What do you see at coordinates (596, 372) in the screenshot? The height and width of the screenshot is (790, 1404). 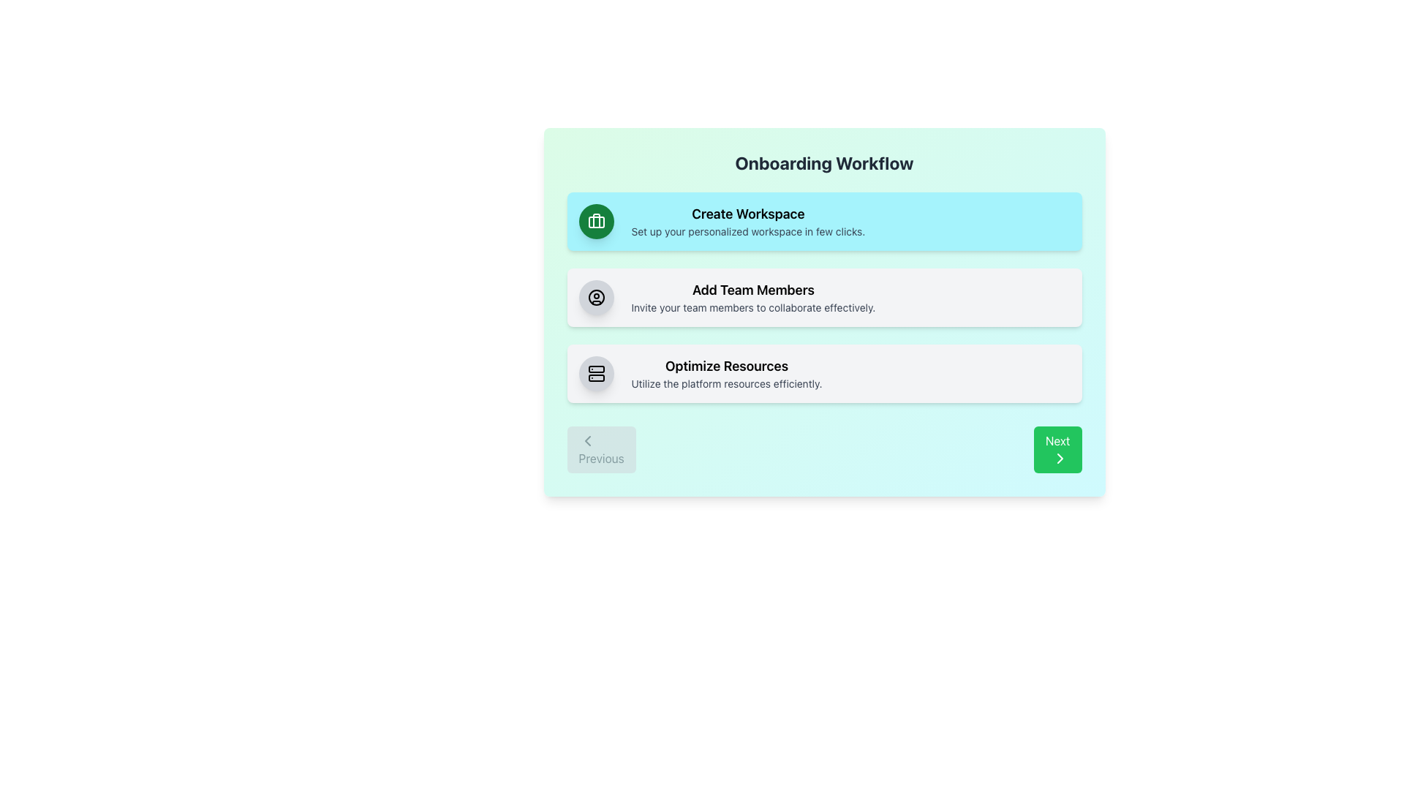 I see `the decorative 'Optimize Resources' icon button located on the left side of the 'Optimize Resources' description` at bounding box center [596, 372].